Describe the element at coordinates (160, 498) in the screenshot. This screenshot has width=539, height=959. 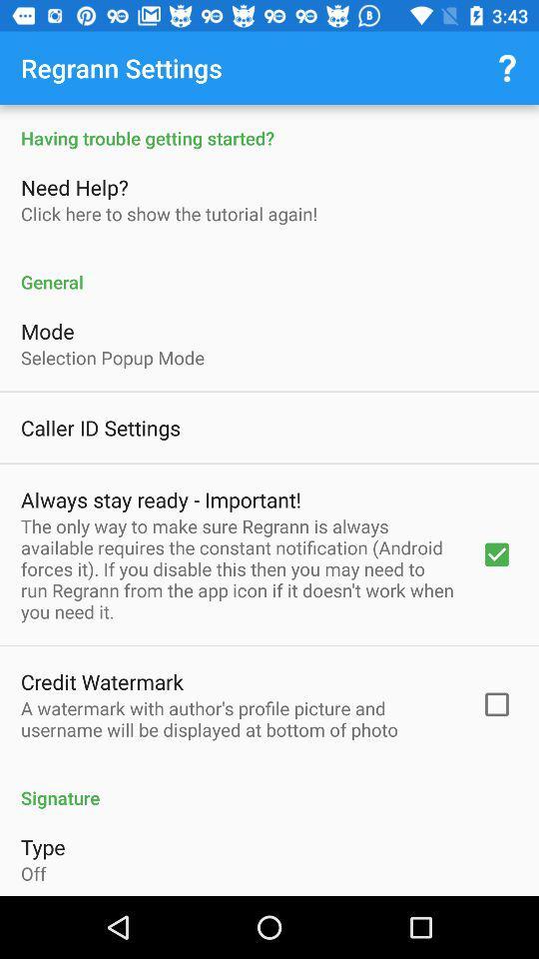
I see `the icon above the only way icon` at that location.